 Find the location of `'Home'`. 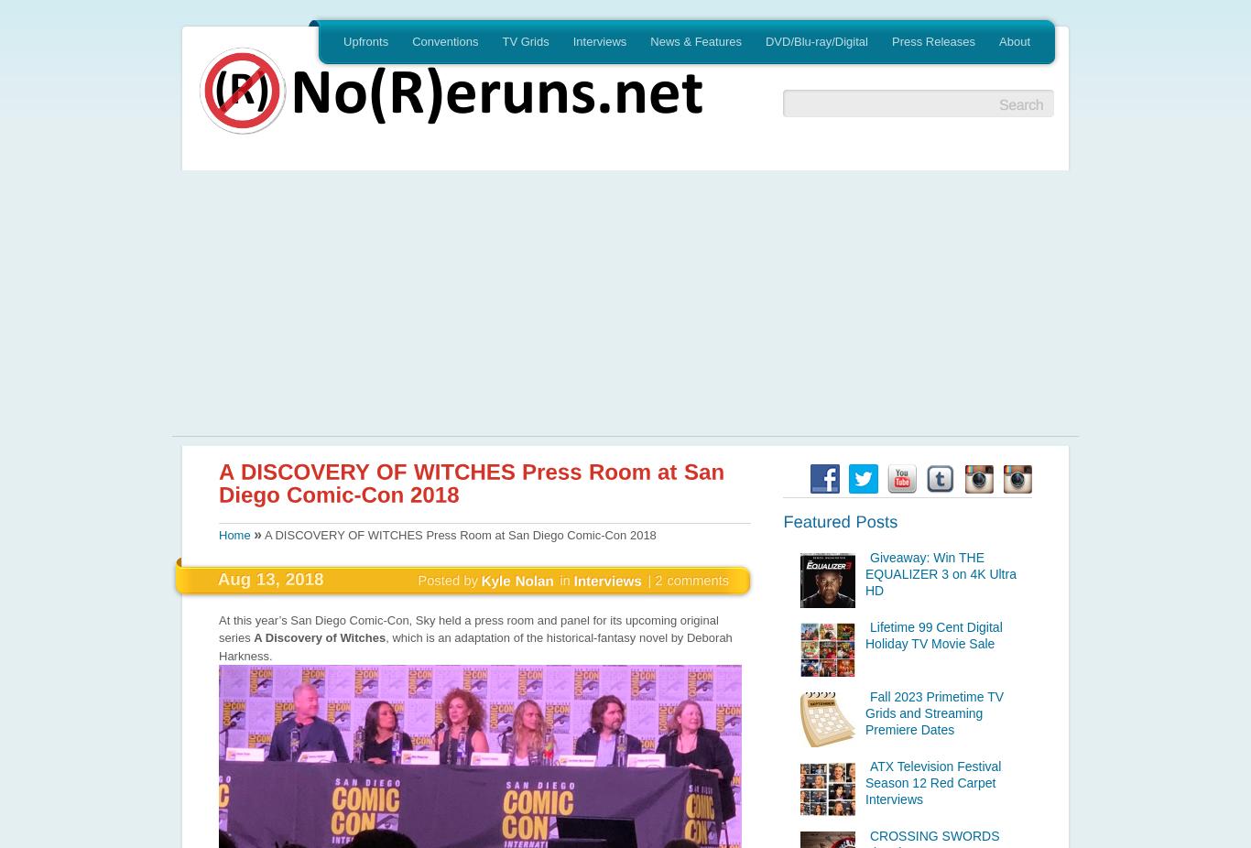

'Home' is located at coordinates (234, 534).